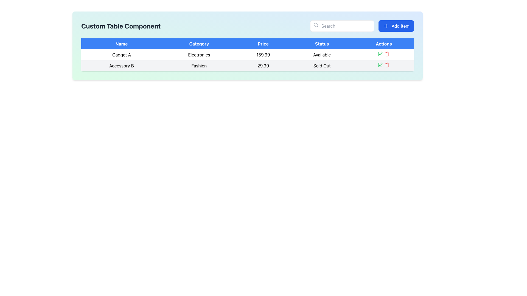  What do you see at coordinates (380, 64) in the screenshot?
I see `the green edit icon button resembling a square with a pen, located in the second row of the 'Actions' column next to the red delete icon, to initiate an edit action` at bounding box center [380, 64].